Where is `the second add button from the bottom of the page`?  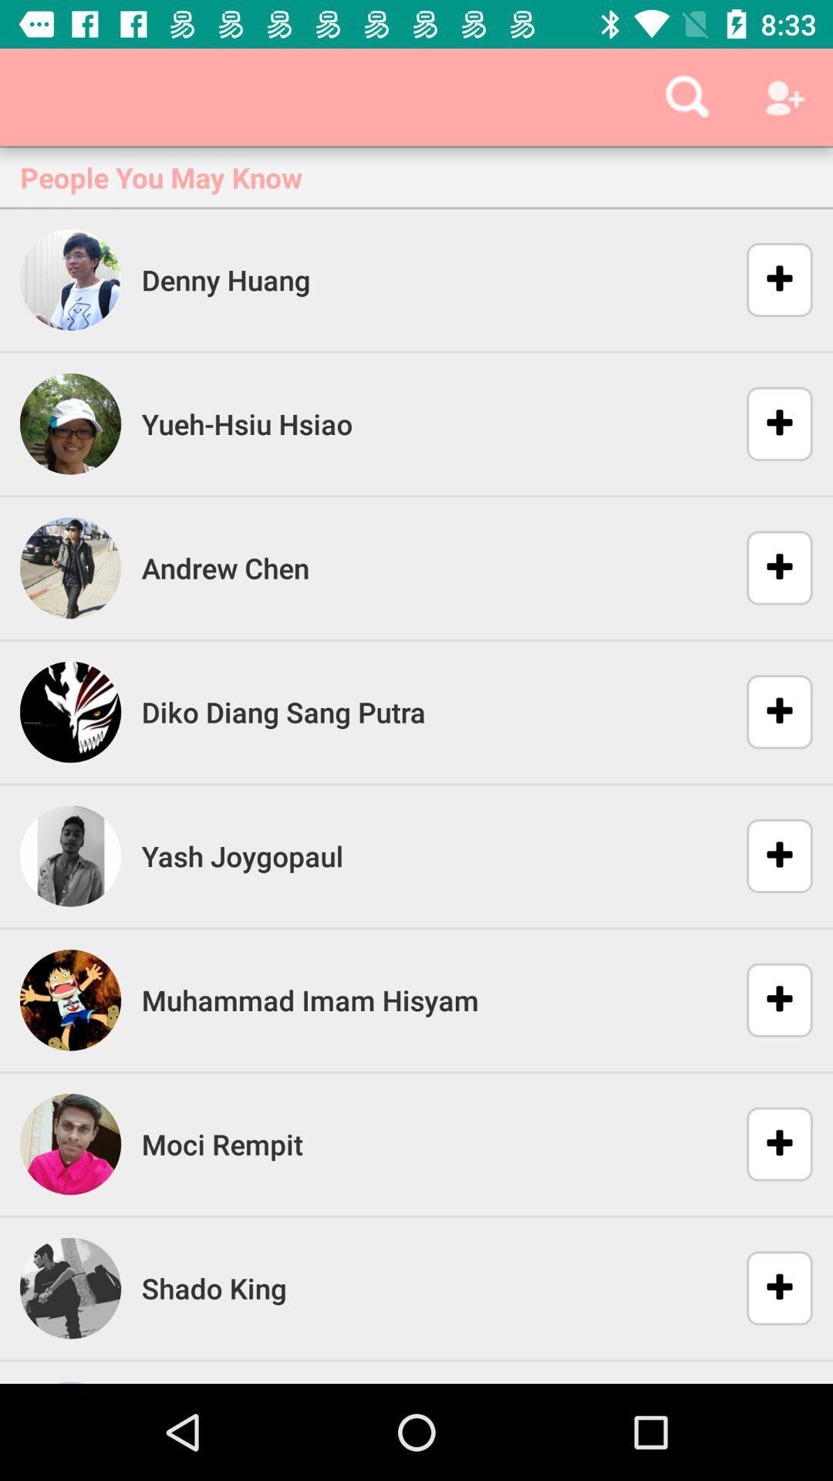
the second add button from the bottom of the page is located at coordinates (770, 1144).